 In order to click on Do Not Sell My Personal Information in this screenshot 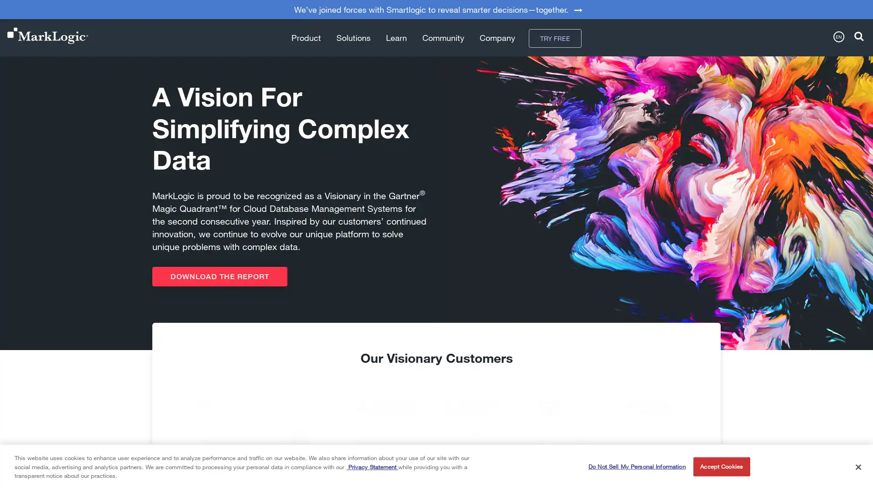, I will do `click(636, 466)`.